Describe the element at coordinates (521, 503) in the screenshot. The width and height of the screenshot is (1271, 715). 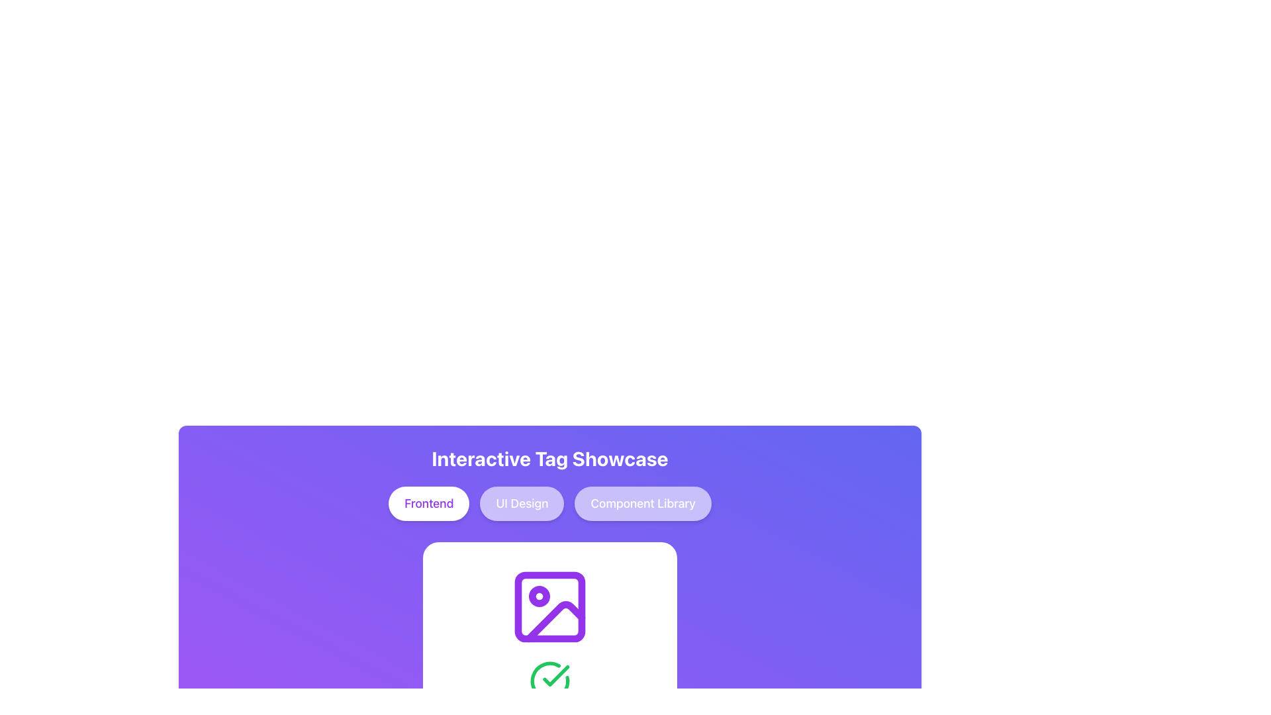
I see `the interactive button labeled 'UI Design'` at that location.